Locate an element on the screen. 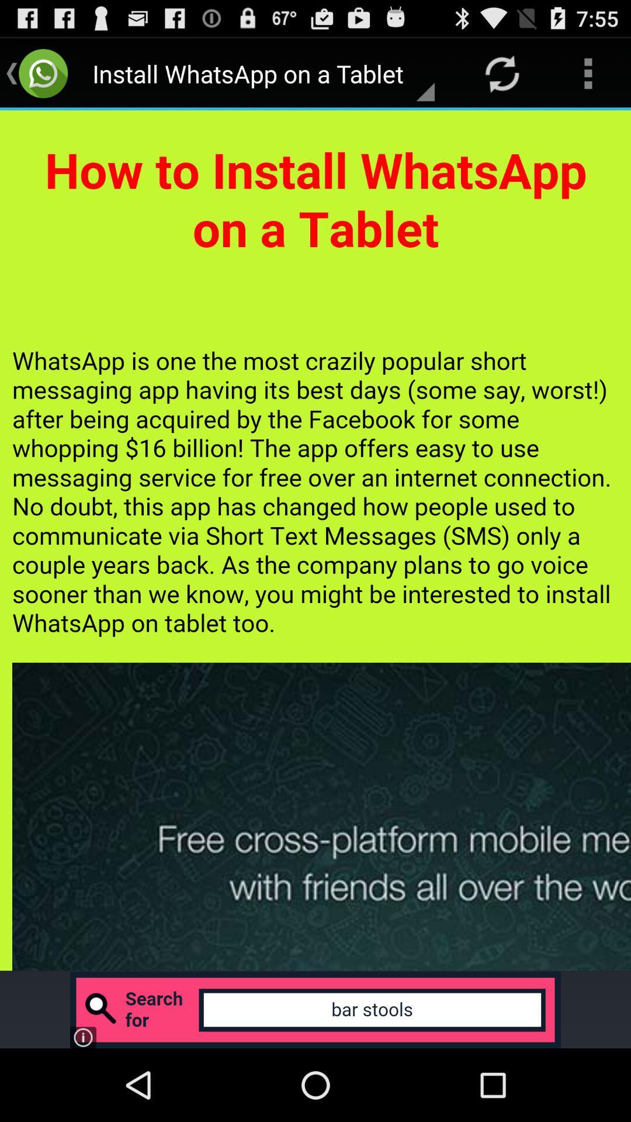 The width and height of the screenshot is (631, 1122). instructions is located at coordinates (315, 540).